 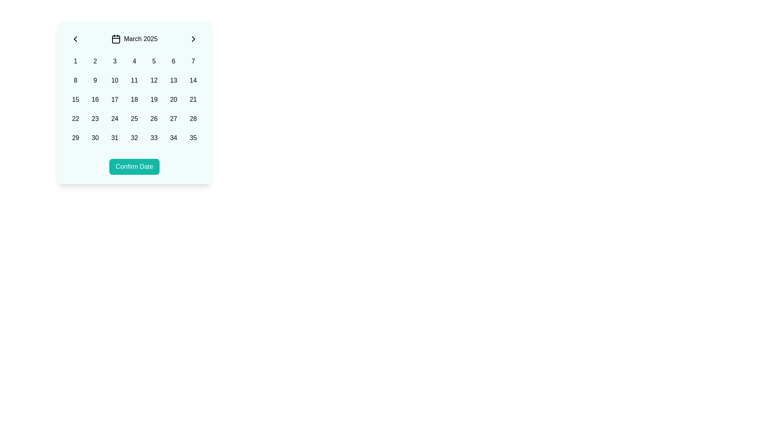 What do you see at coordinates (154, 80) in the screenshot?
I see `the clickable date button representing '12' in the calendar grid located in the second row and fifth column` at bounding box center [154, 80].